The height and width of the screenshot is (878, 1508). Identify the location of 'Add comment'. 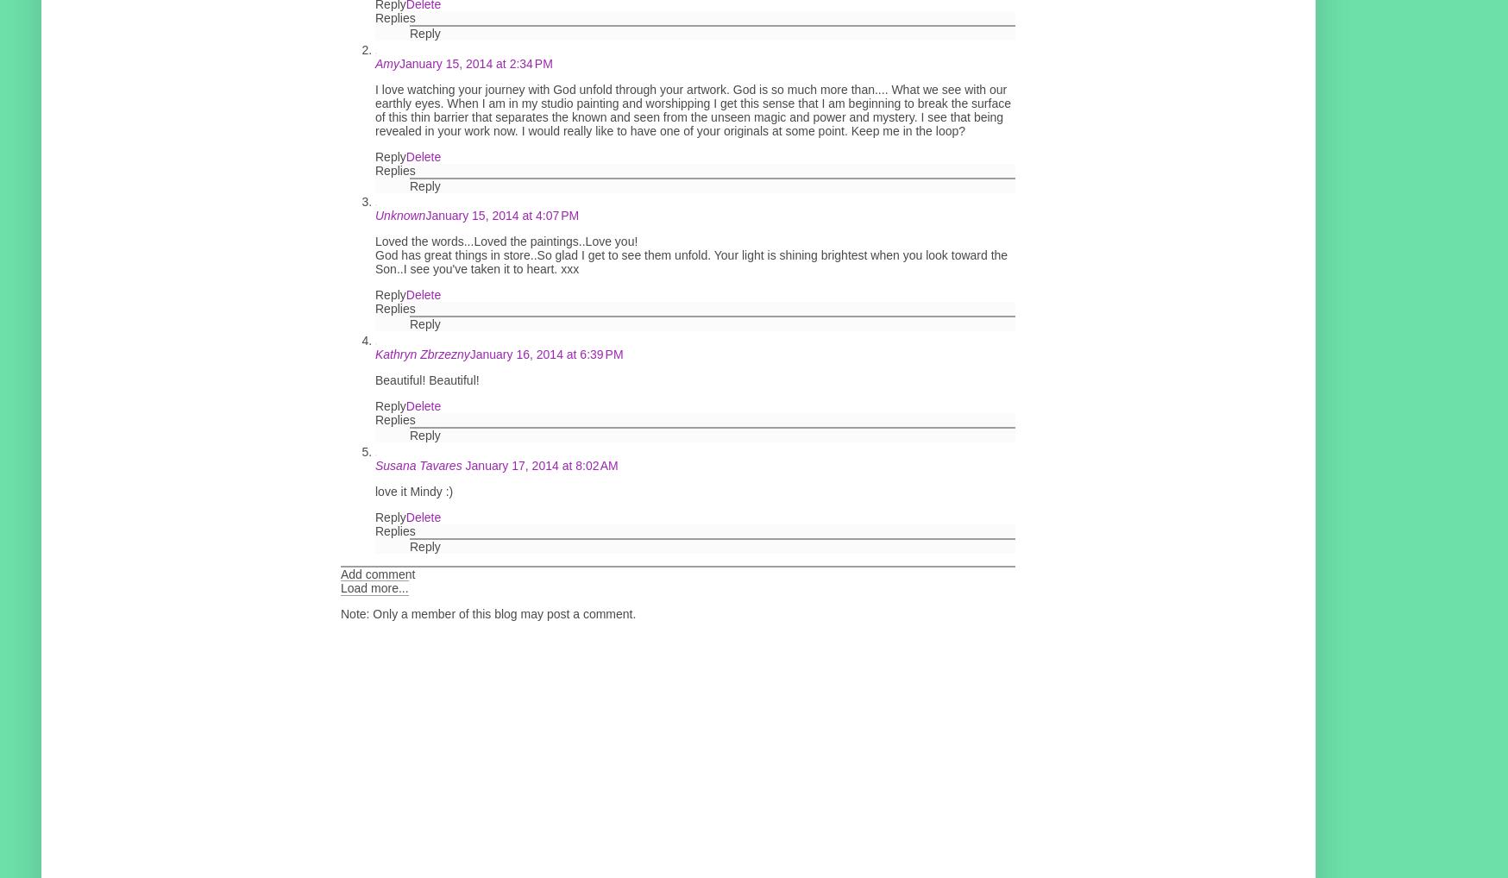
(377, 573).